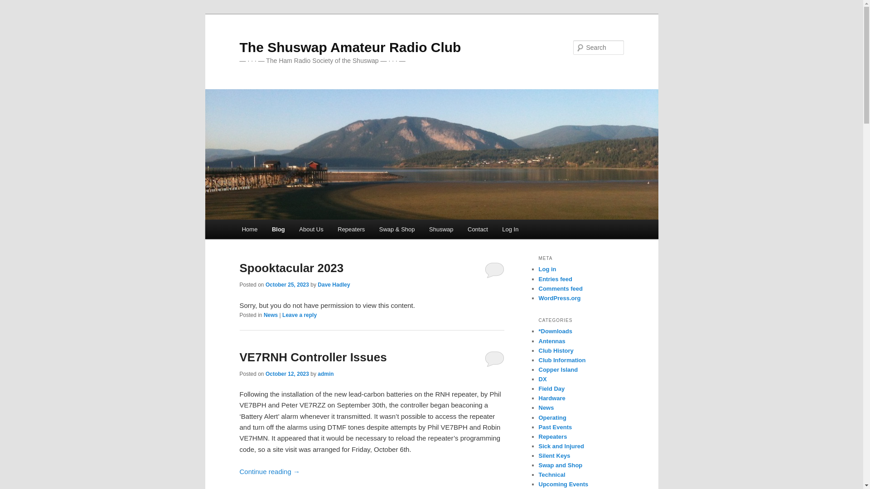 The image size is (870, 489). Describe the element at coordinates (538, 417) in the screenshot. I see `'Operating'` at that location.